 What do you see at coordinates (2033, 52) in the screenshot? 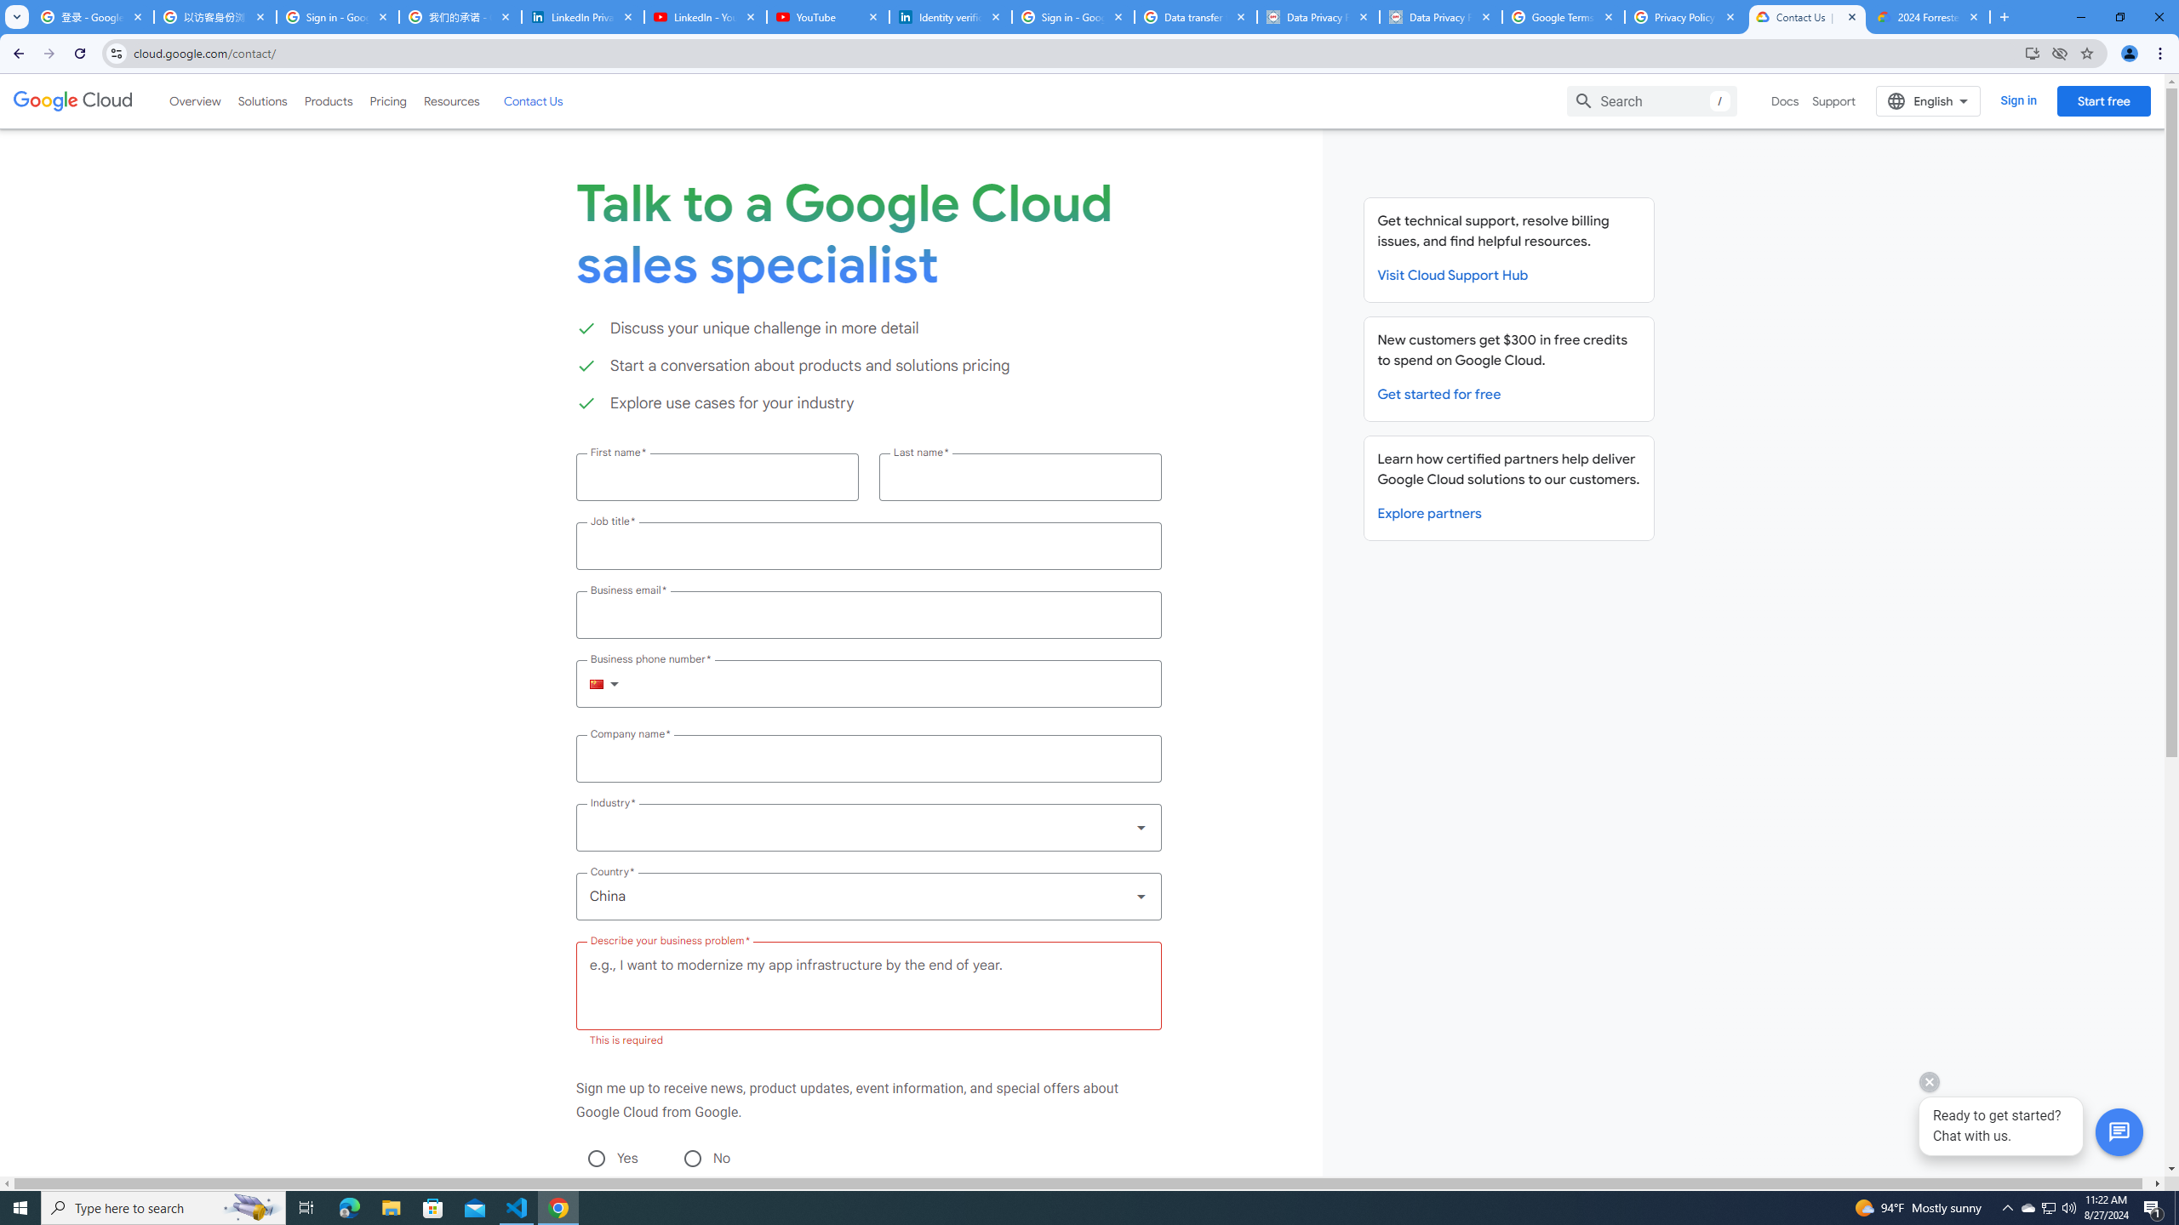
I see `'Install Google Cloud'` at bounding box center [2033, 52].